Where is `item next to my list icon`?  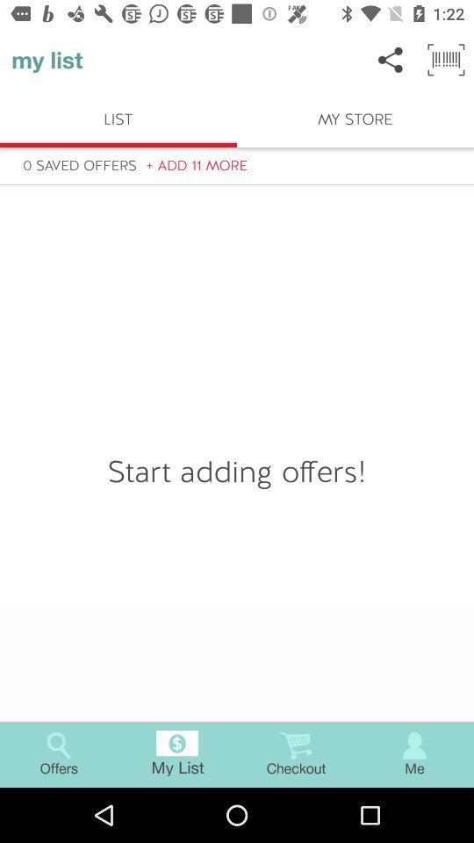
item next to my list icon is located at coordinates (391, 60).